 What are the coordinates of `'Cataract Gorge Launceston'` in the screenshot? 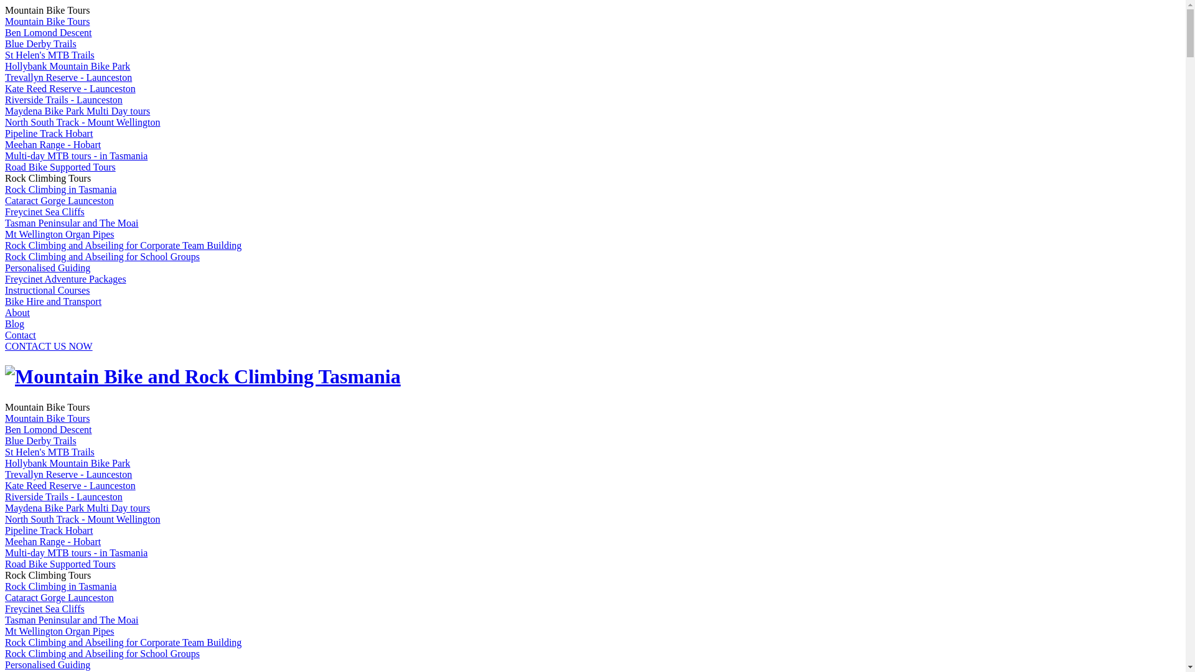 It's located at (59, 200).